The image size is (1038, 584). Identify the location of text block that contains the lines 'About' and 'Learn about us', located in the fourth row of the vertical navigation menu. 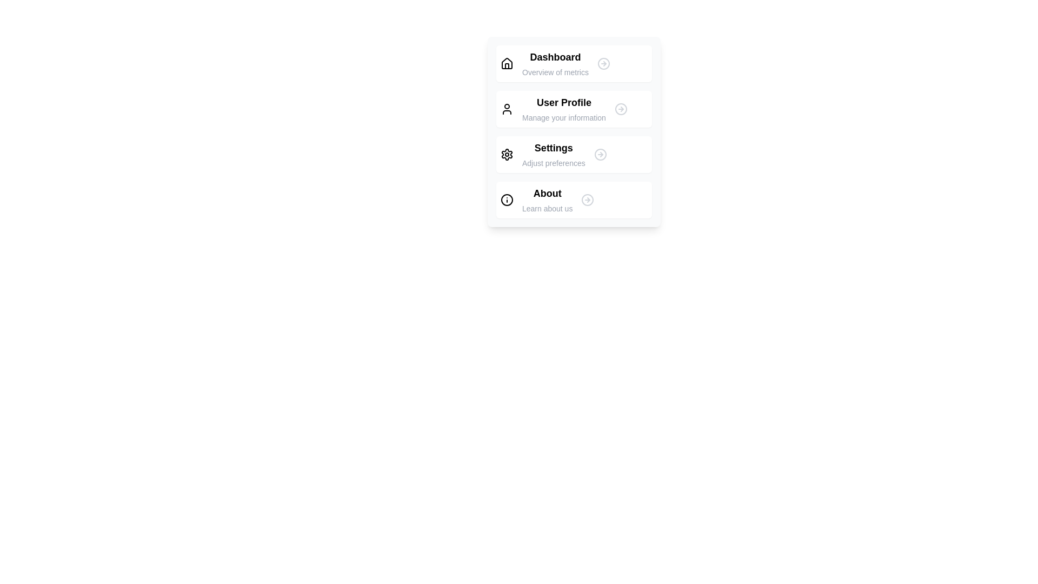
(547, 200).